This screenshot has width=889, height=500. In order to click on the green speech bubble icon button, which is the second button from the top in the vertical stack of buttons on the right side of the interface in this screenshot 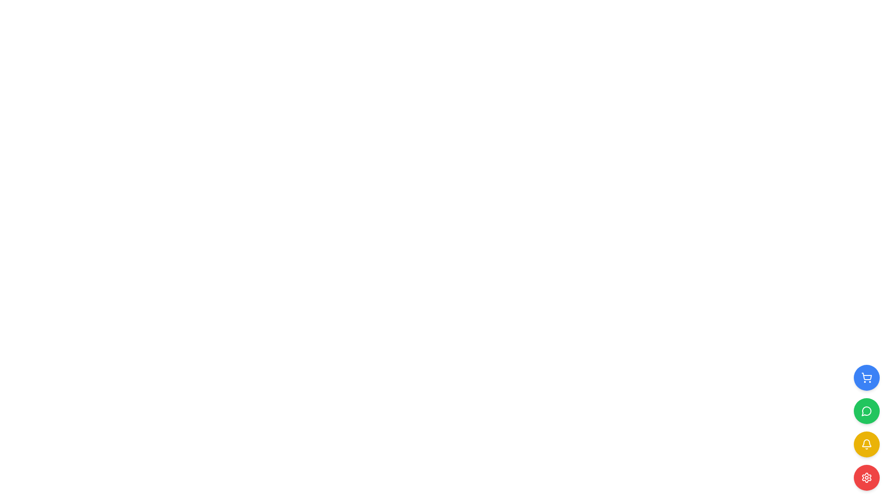, I will do `click(866, 410)`.